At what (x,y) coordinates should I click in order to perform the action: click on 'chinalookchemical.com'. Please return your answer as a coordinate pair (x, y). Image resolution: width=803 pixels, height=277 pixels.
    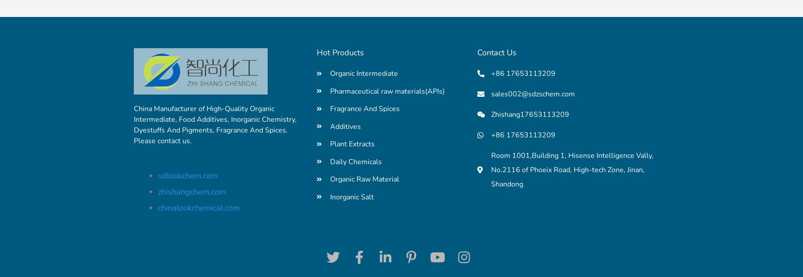
    Looking at the image, I should click on (199, 207).